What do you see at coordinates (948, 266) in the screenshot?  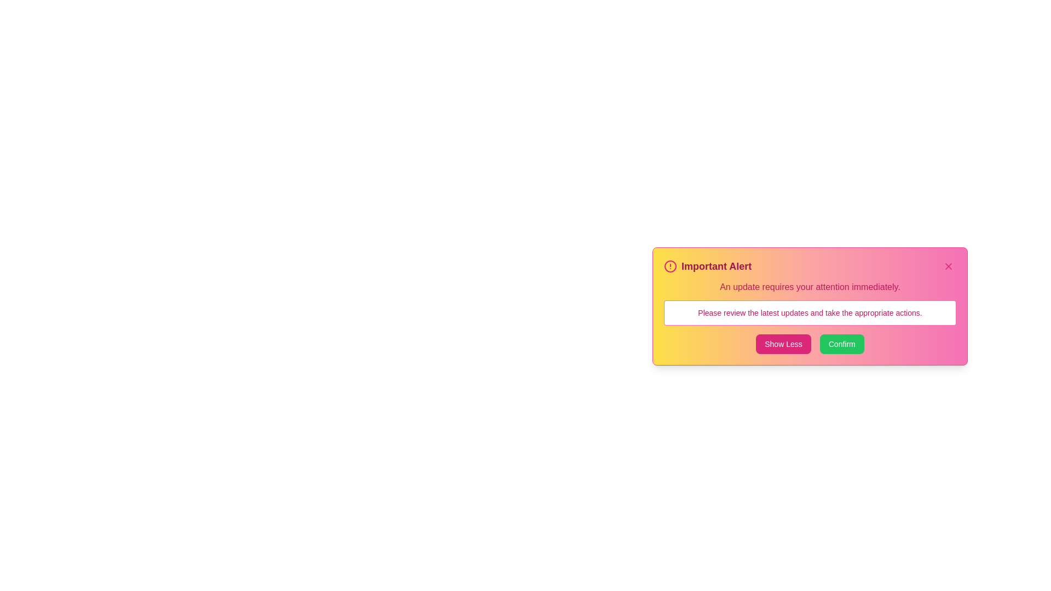 I see `the 'X' button in the top-right corner of the alert window to close it` at bounding box center [948, 266].